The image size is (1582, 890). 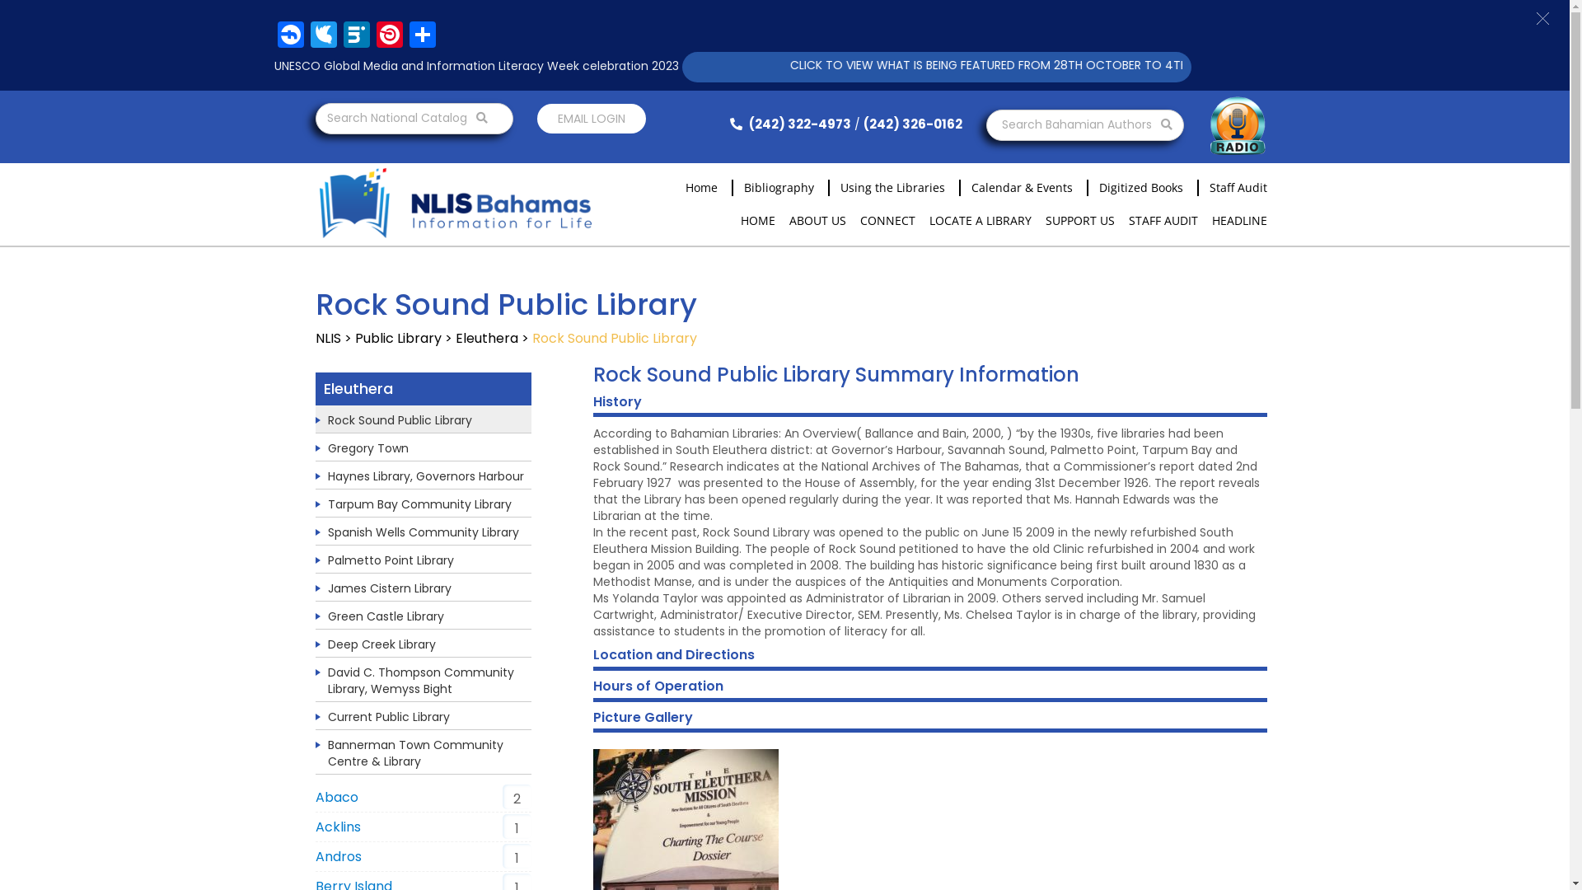 What do you see at coordinates (381, 644) in the screenshot?
I see `'Deep Creek Library'` at bounding box center [381, 644].